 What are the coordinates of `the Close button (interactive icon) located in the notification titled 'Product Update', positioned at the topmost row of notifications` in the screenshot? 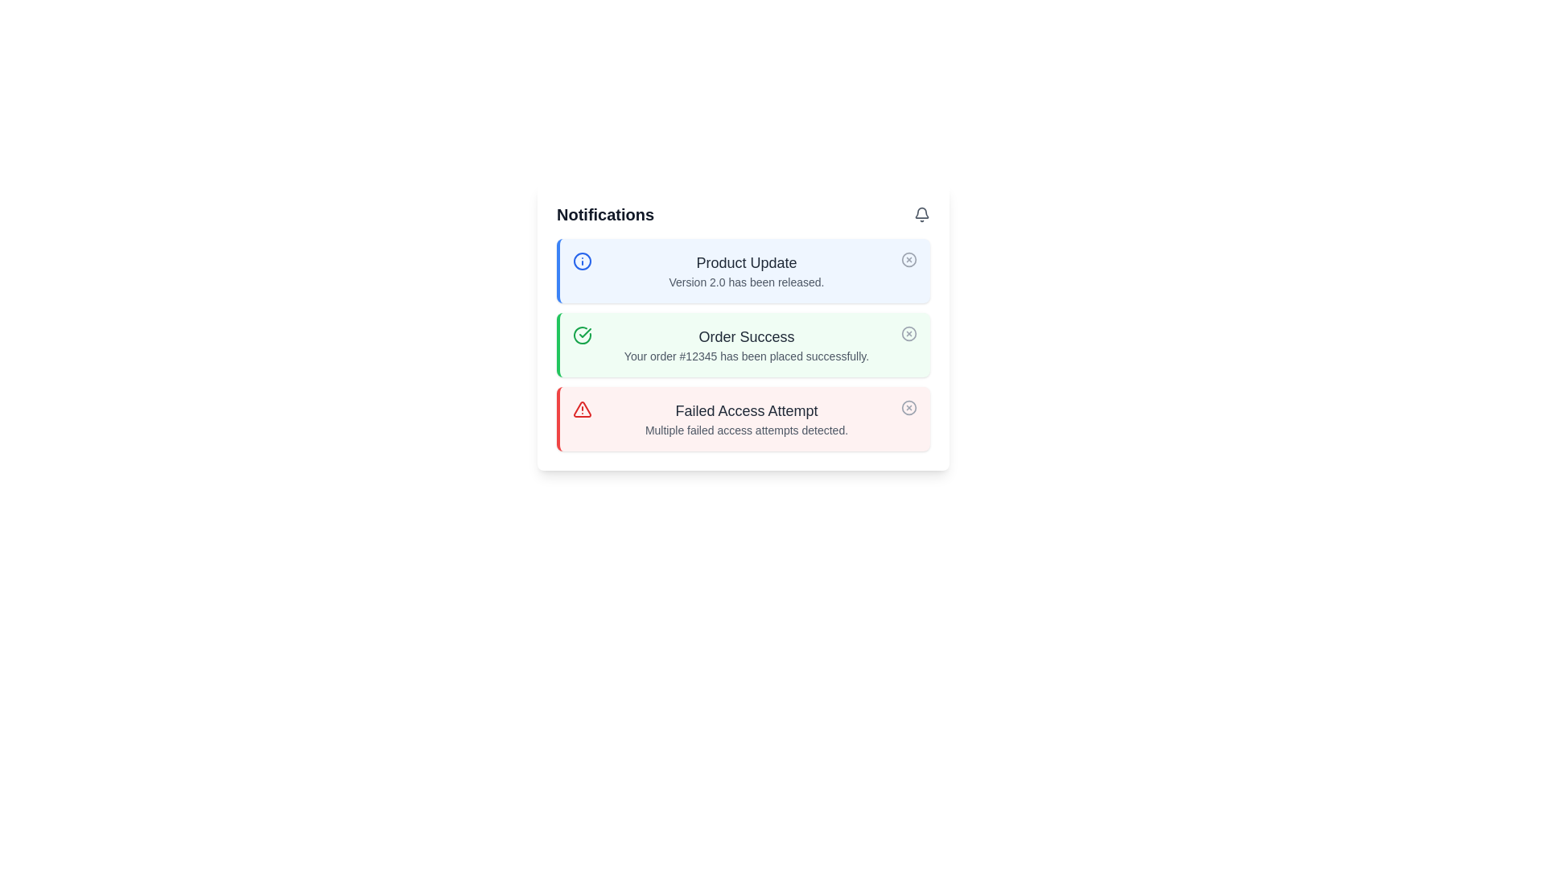 It's located at (908, 259).